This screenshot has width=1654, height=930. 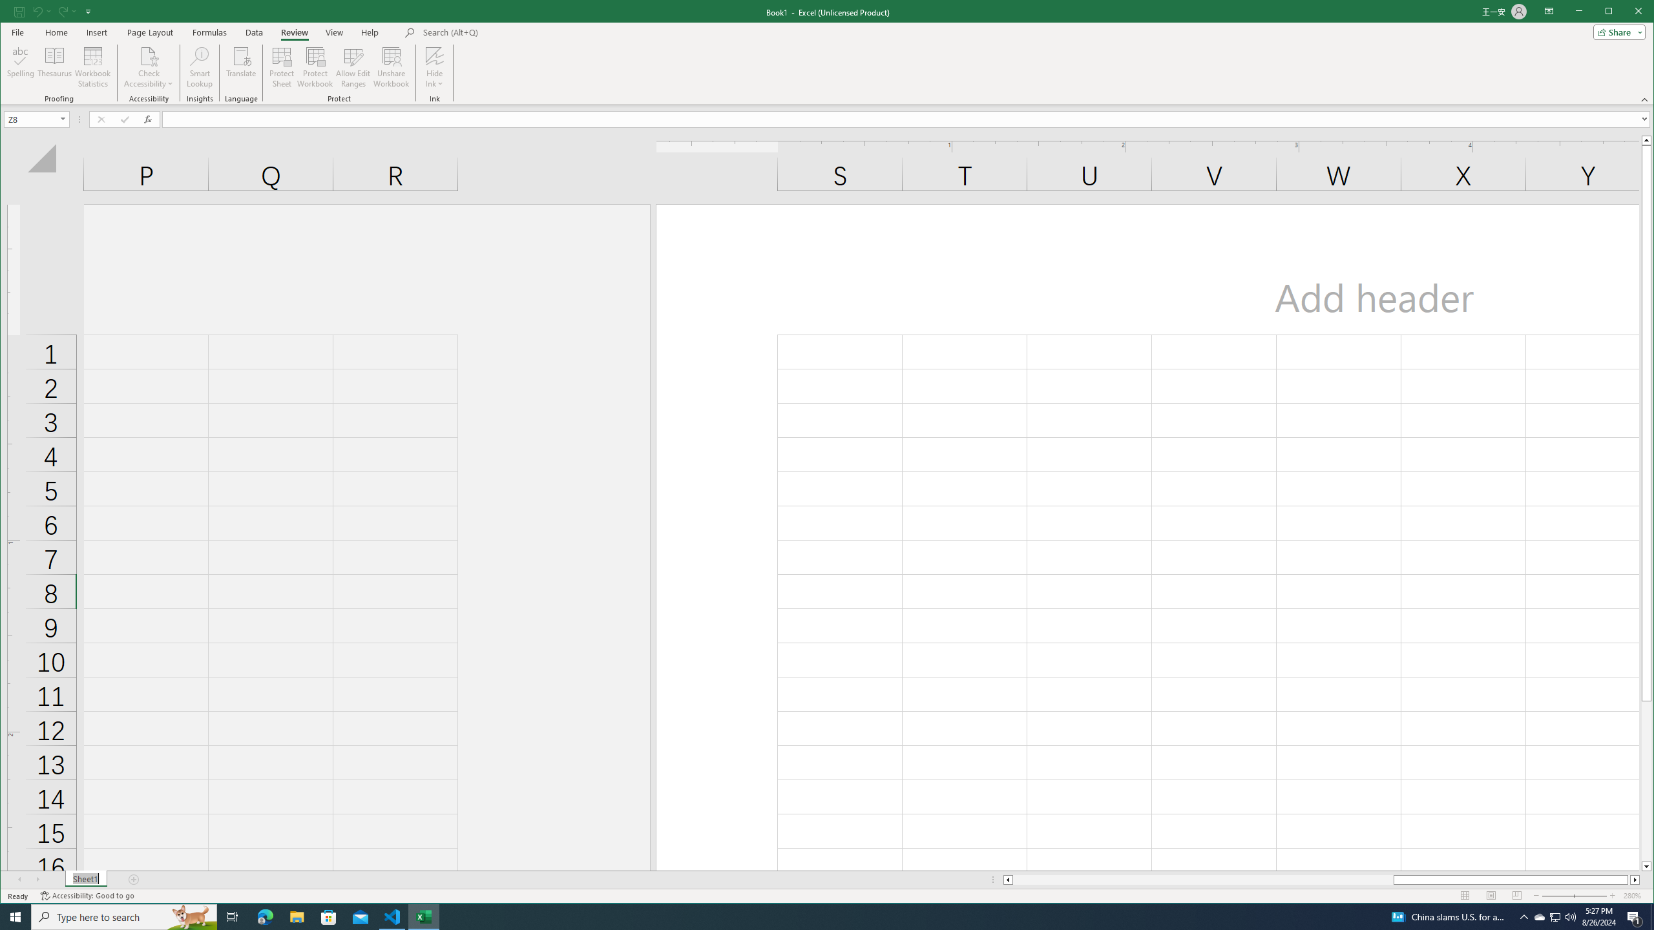 What do you see at coordinates (424, 916) in the screenshot?
I see `'Excel - 1 running window'` at bounding box center [424, 916].